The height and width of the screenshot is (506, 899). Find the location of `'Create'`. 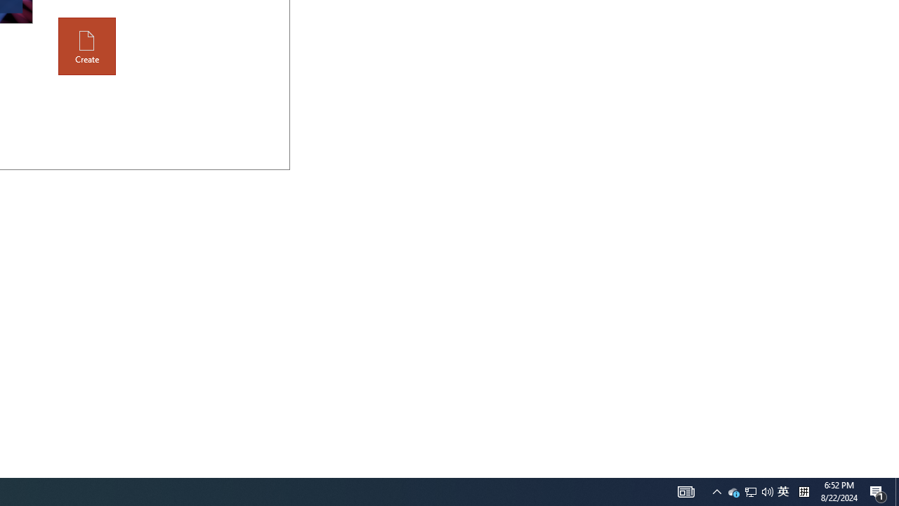

'Create' is located at coordinates (86, 46).